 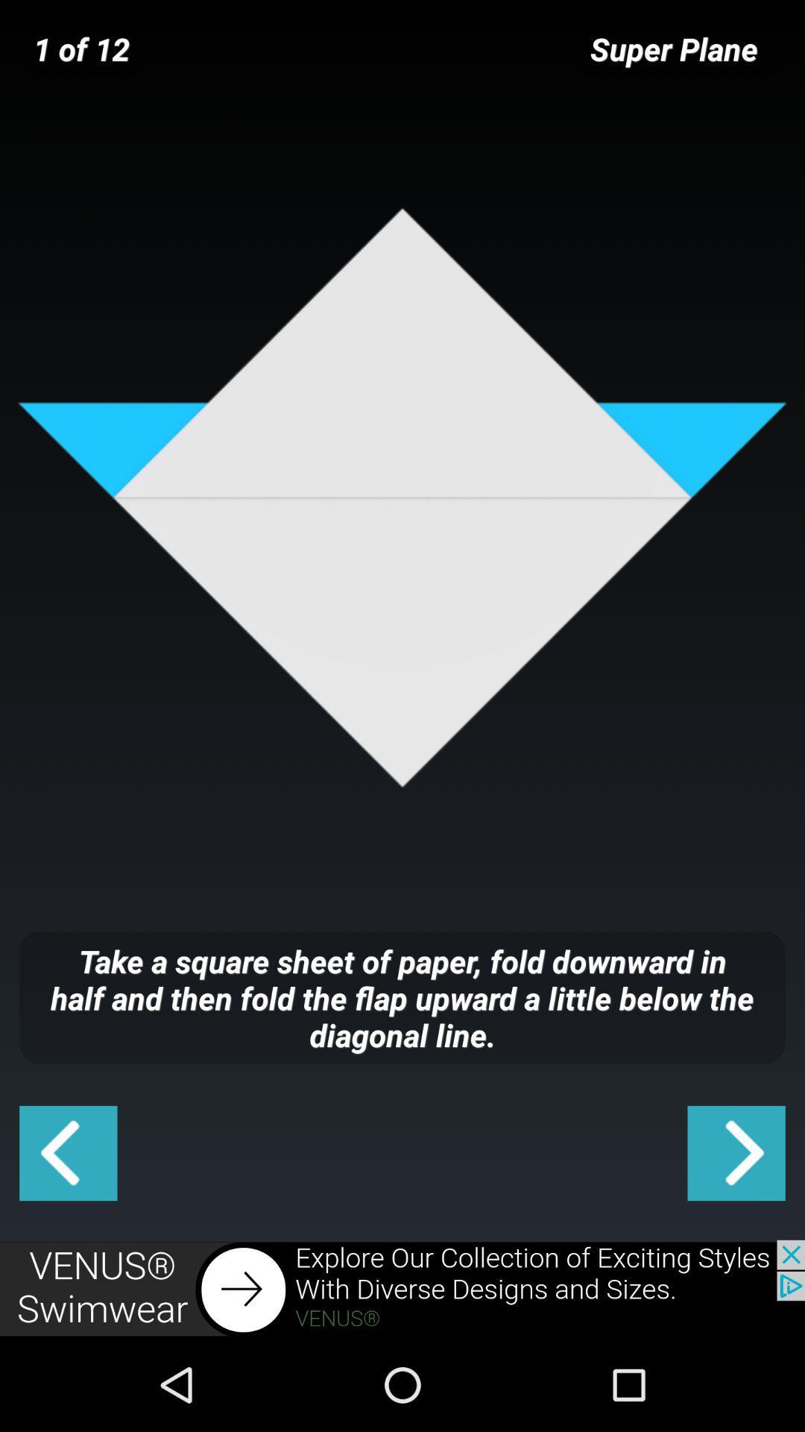 What do you see at coordinates (68, 1152) in the screenshot?
I see `go back` at bounding box center [68, 1152].